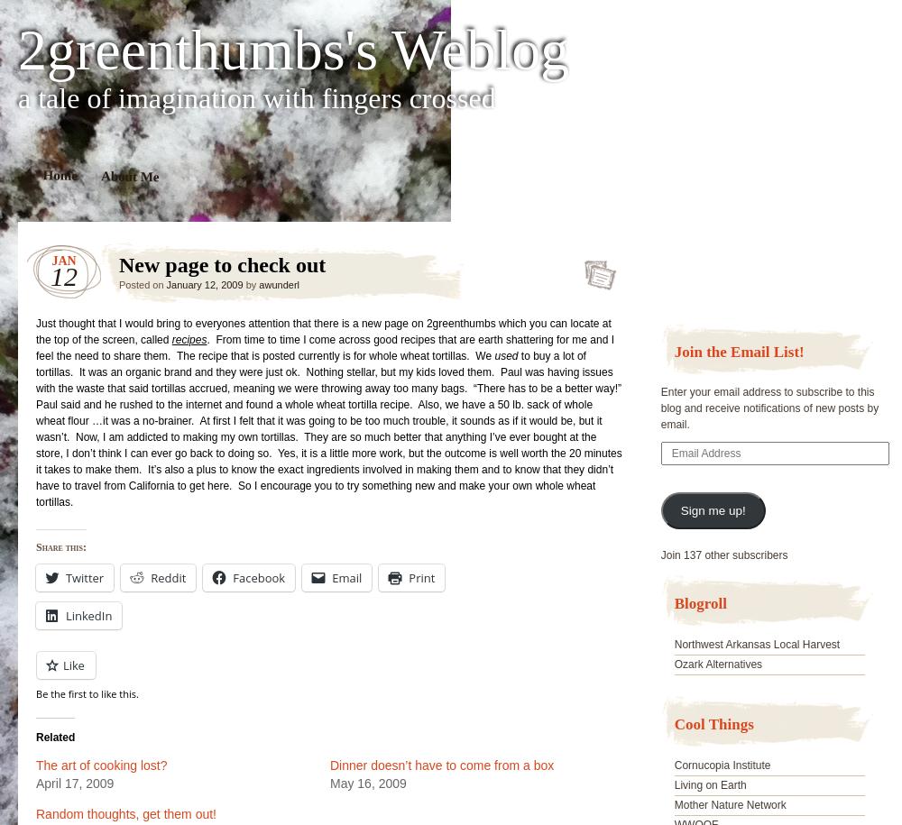  I want to click on 'LinkedIn', so click(87, 614).